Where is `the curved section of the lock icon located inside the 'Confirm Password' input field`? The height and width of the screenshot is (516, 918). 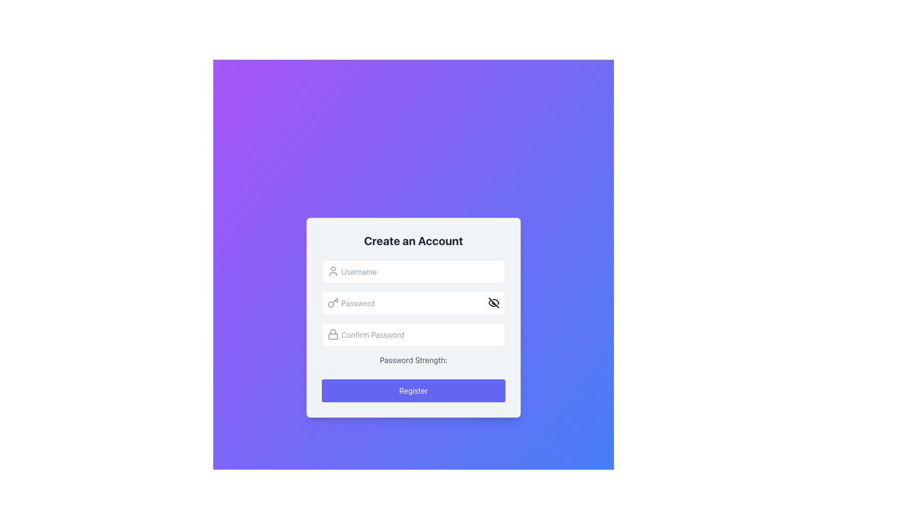 the curved section of the lock icon located inside the 'Confirm Password' input field is located at coordinates (333, 331).